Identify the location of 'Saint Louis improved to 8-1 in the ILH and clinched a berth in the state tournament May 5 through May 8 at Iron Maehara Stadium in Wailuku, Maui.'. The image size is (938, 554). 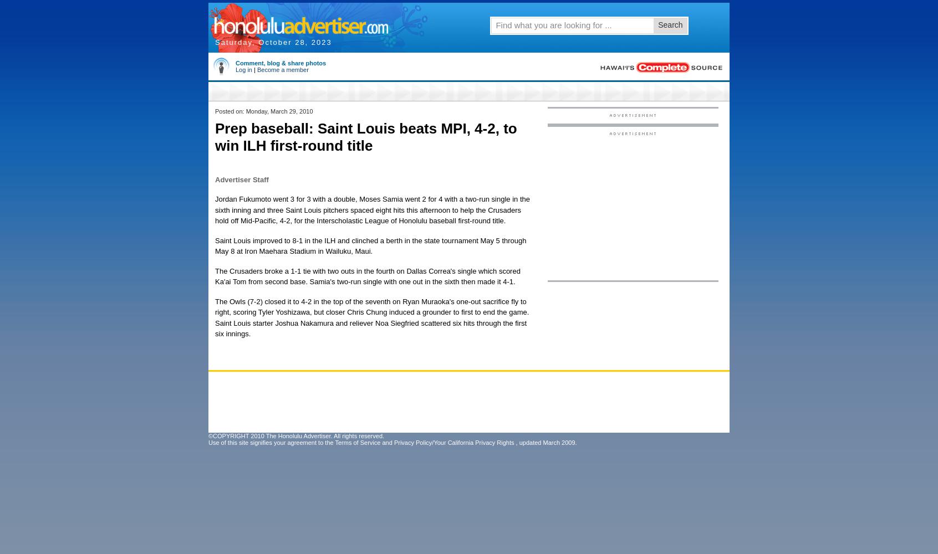
(370, 245).